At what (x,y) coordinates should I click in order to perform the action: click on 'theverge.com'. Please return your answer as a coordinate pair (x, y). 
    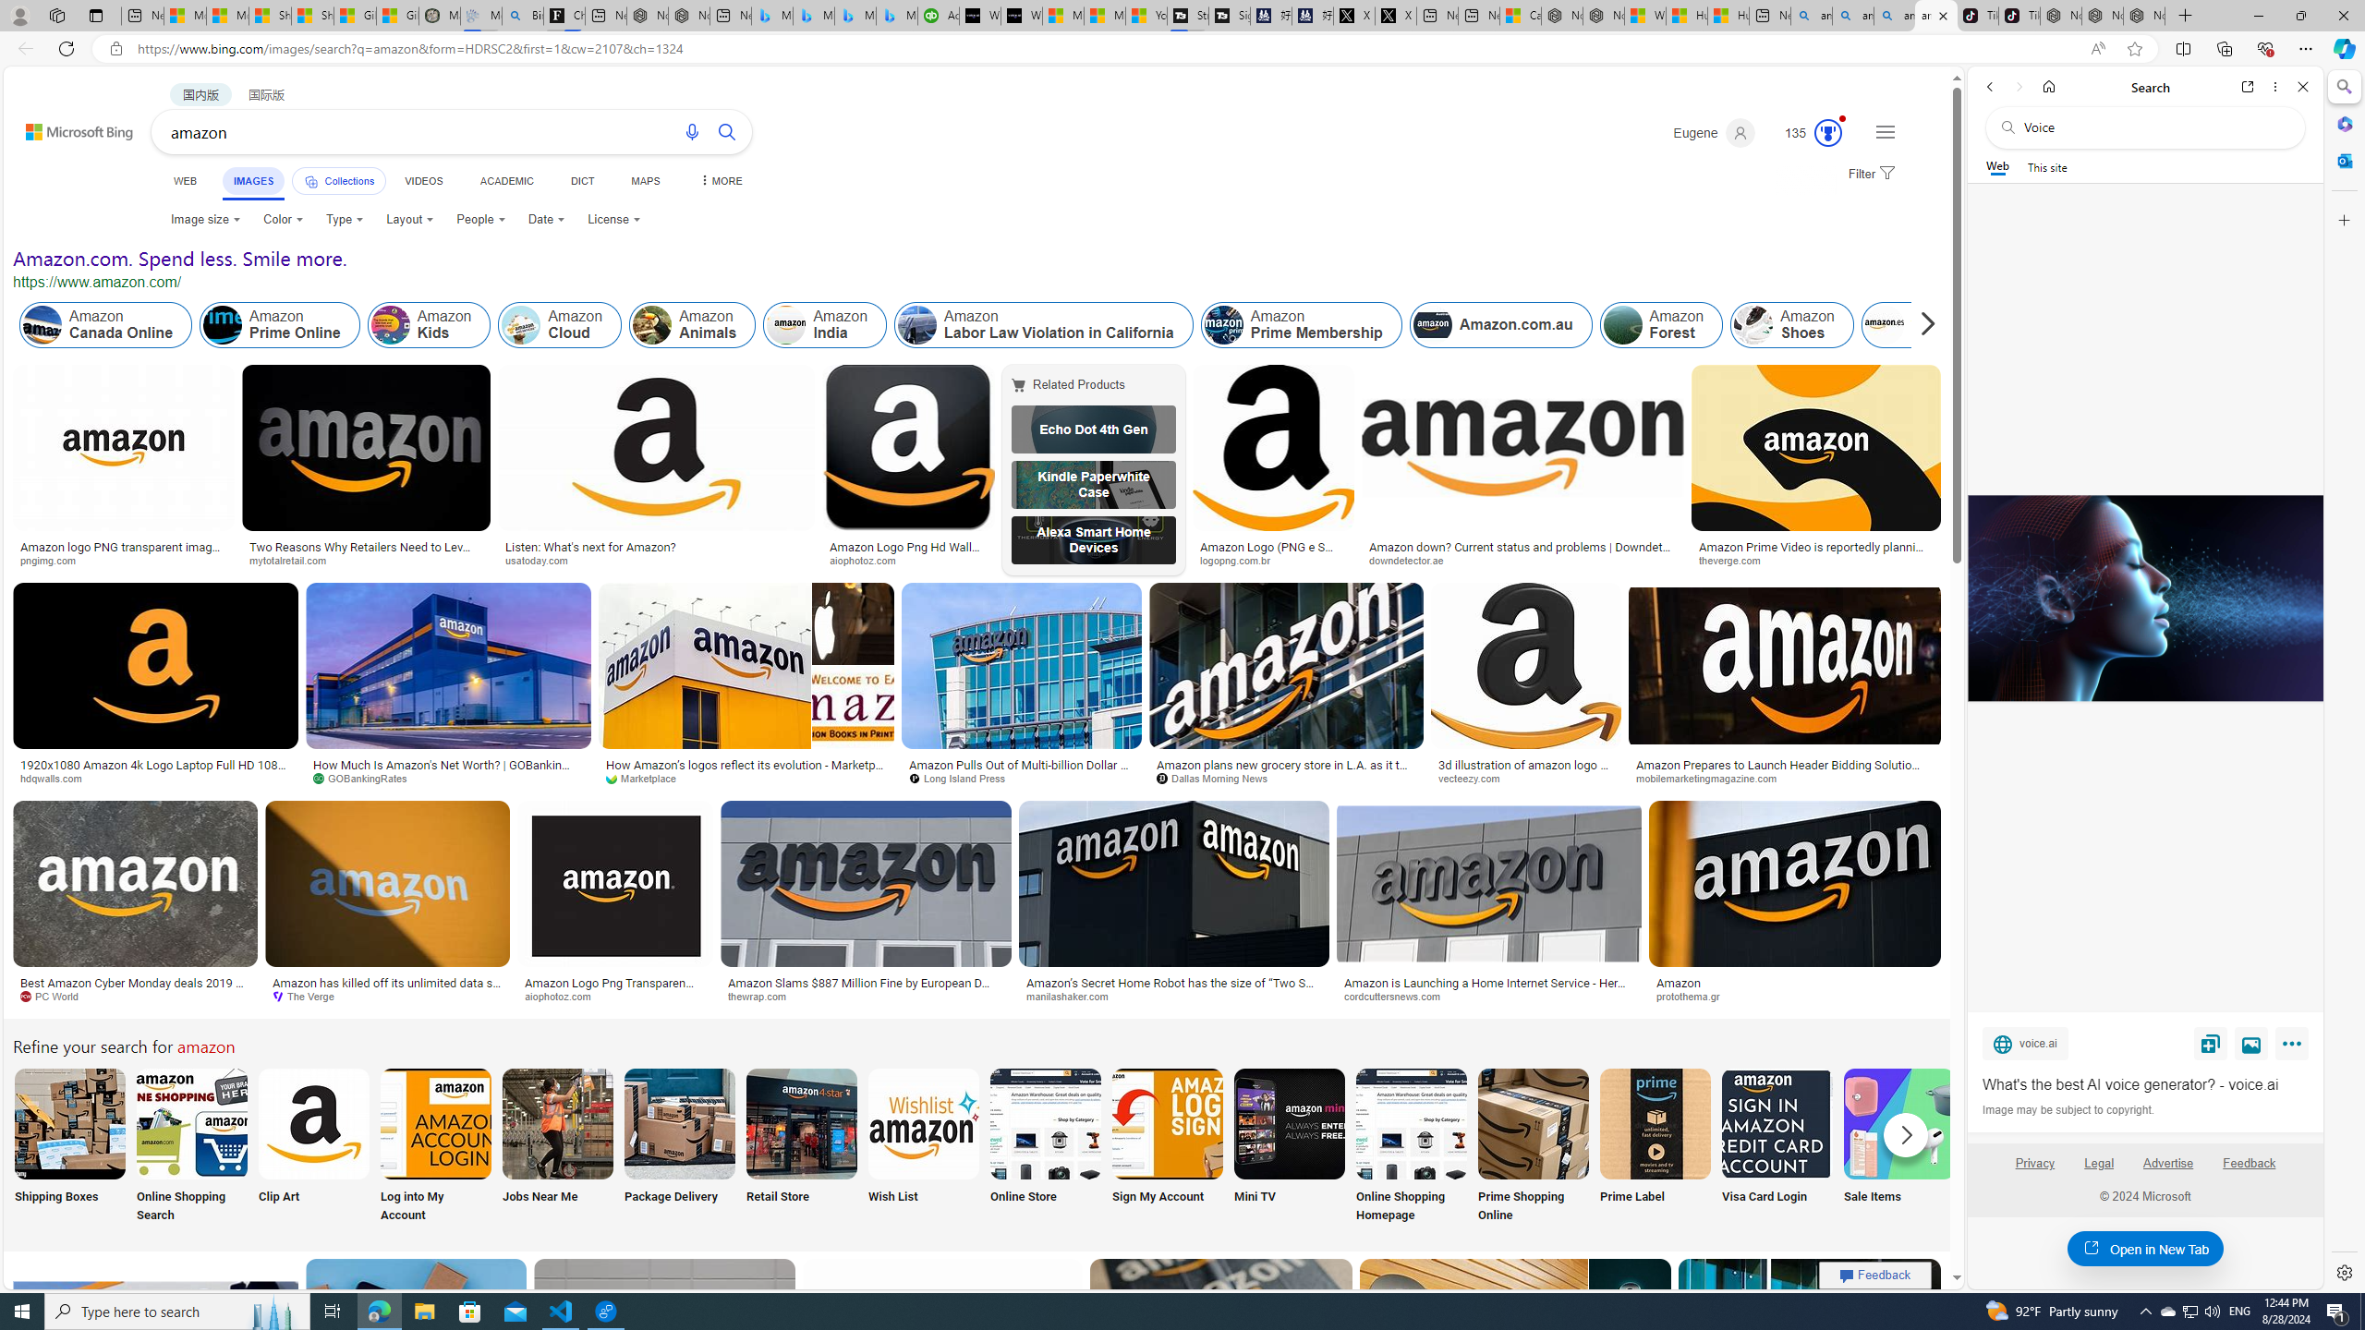
    Looking at the image, I should click on (1815, 559).